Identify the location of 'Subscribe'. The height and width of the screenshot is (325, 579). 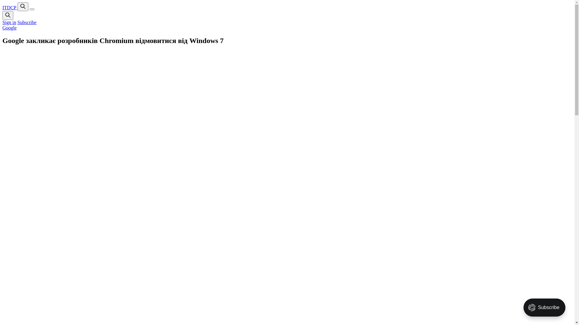
(27, 22).